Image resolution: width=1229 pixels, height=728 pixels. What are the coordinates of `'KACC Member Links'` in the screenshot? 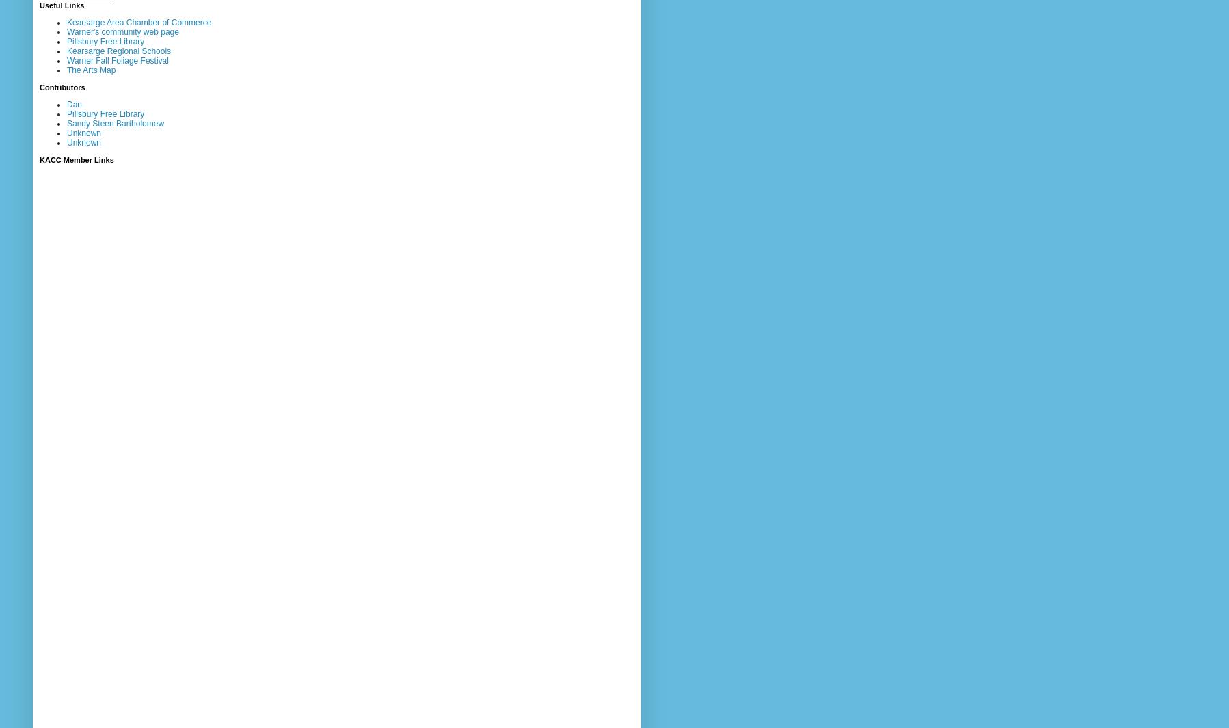 It's located at (76, 159).